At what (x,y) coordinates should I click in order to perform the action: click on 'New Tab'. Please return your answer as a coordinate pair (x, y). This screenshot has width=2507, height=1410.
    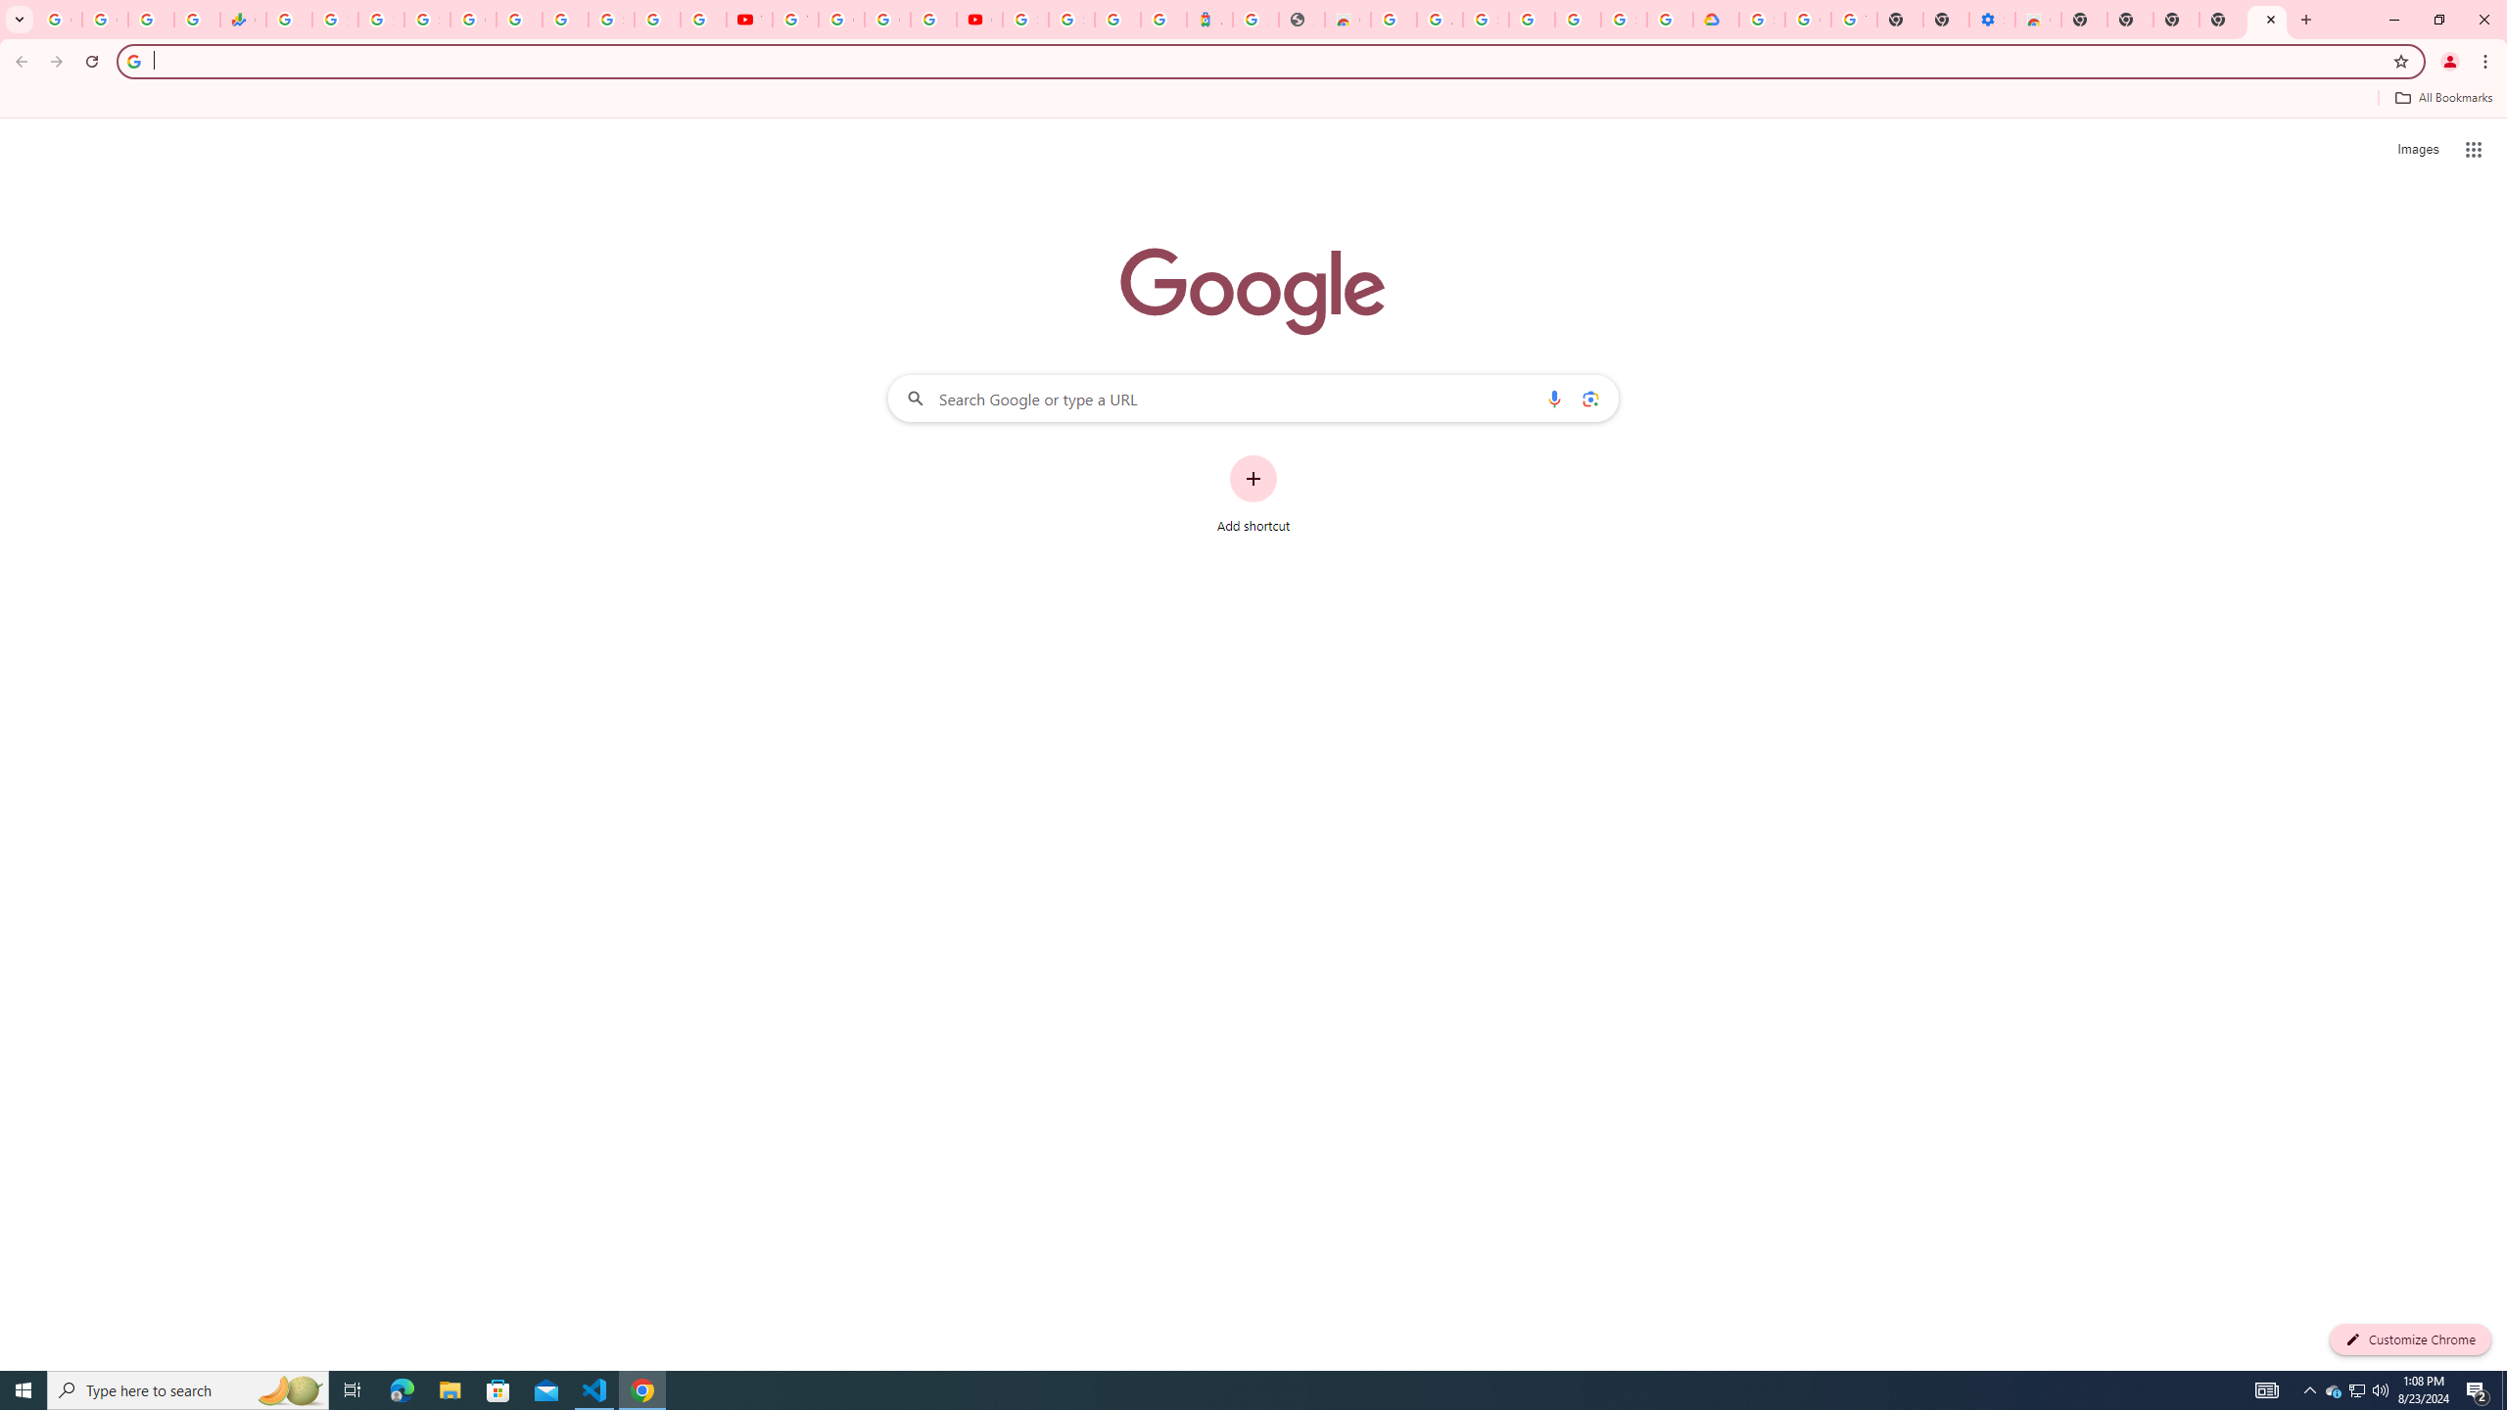
    Looking at the image, I should click on (2267, 19).